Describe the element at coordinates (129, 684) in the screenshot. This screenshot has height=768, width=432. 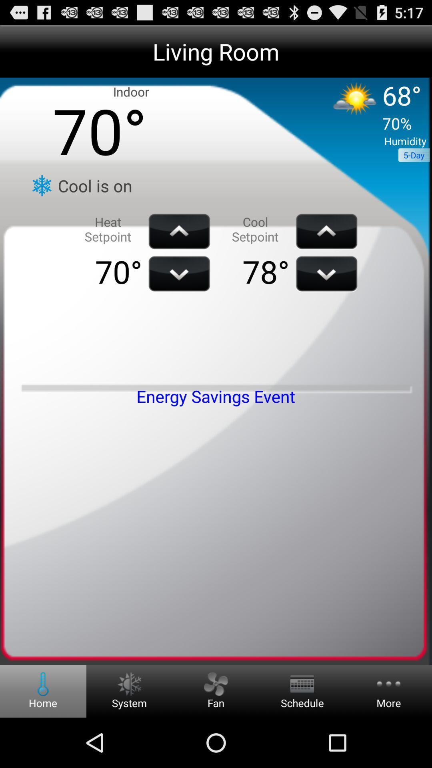
I see `icon above the text called system` at that location.